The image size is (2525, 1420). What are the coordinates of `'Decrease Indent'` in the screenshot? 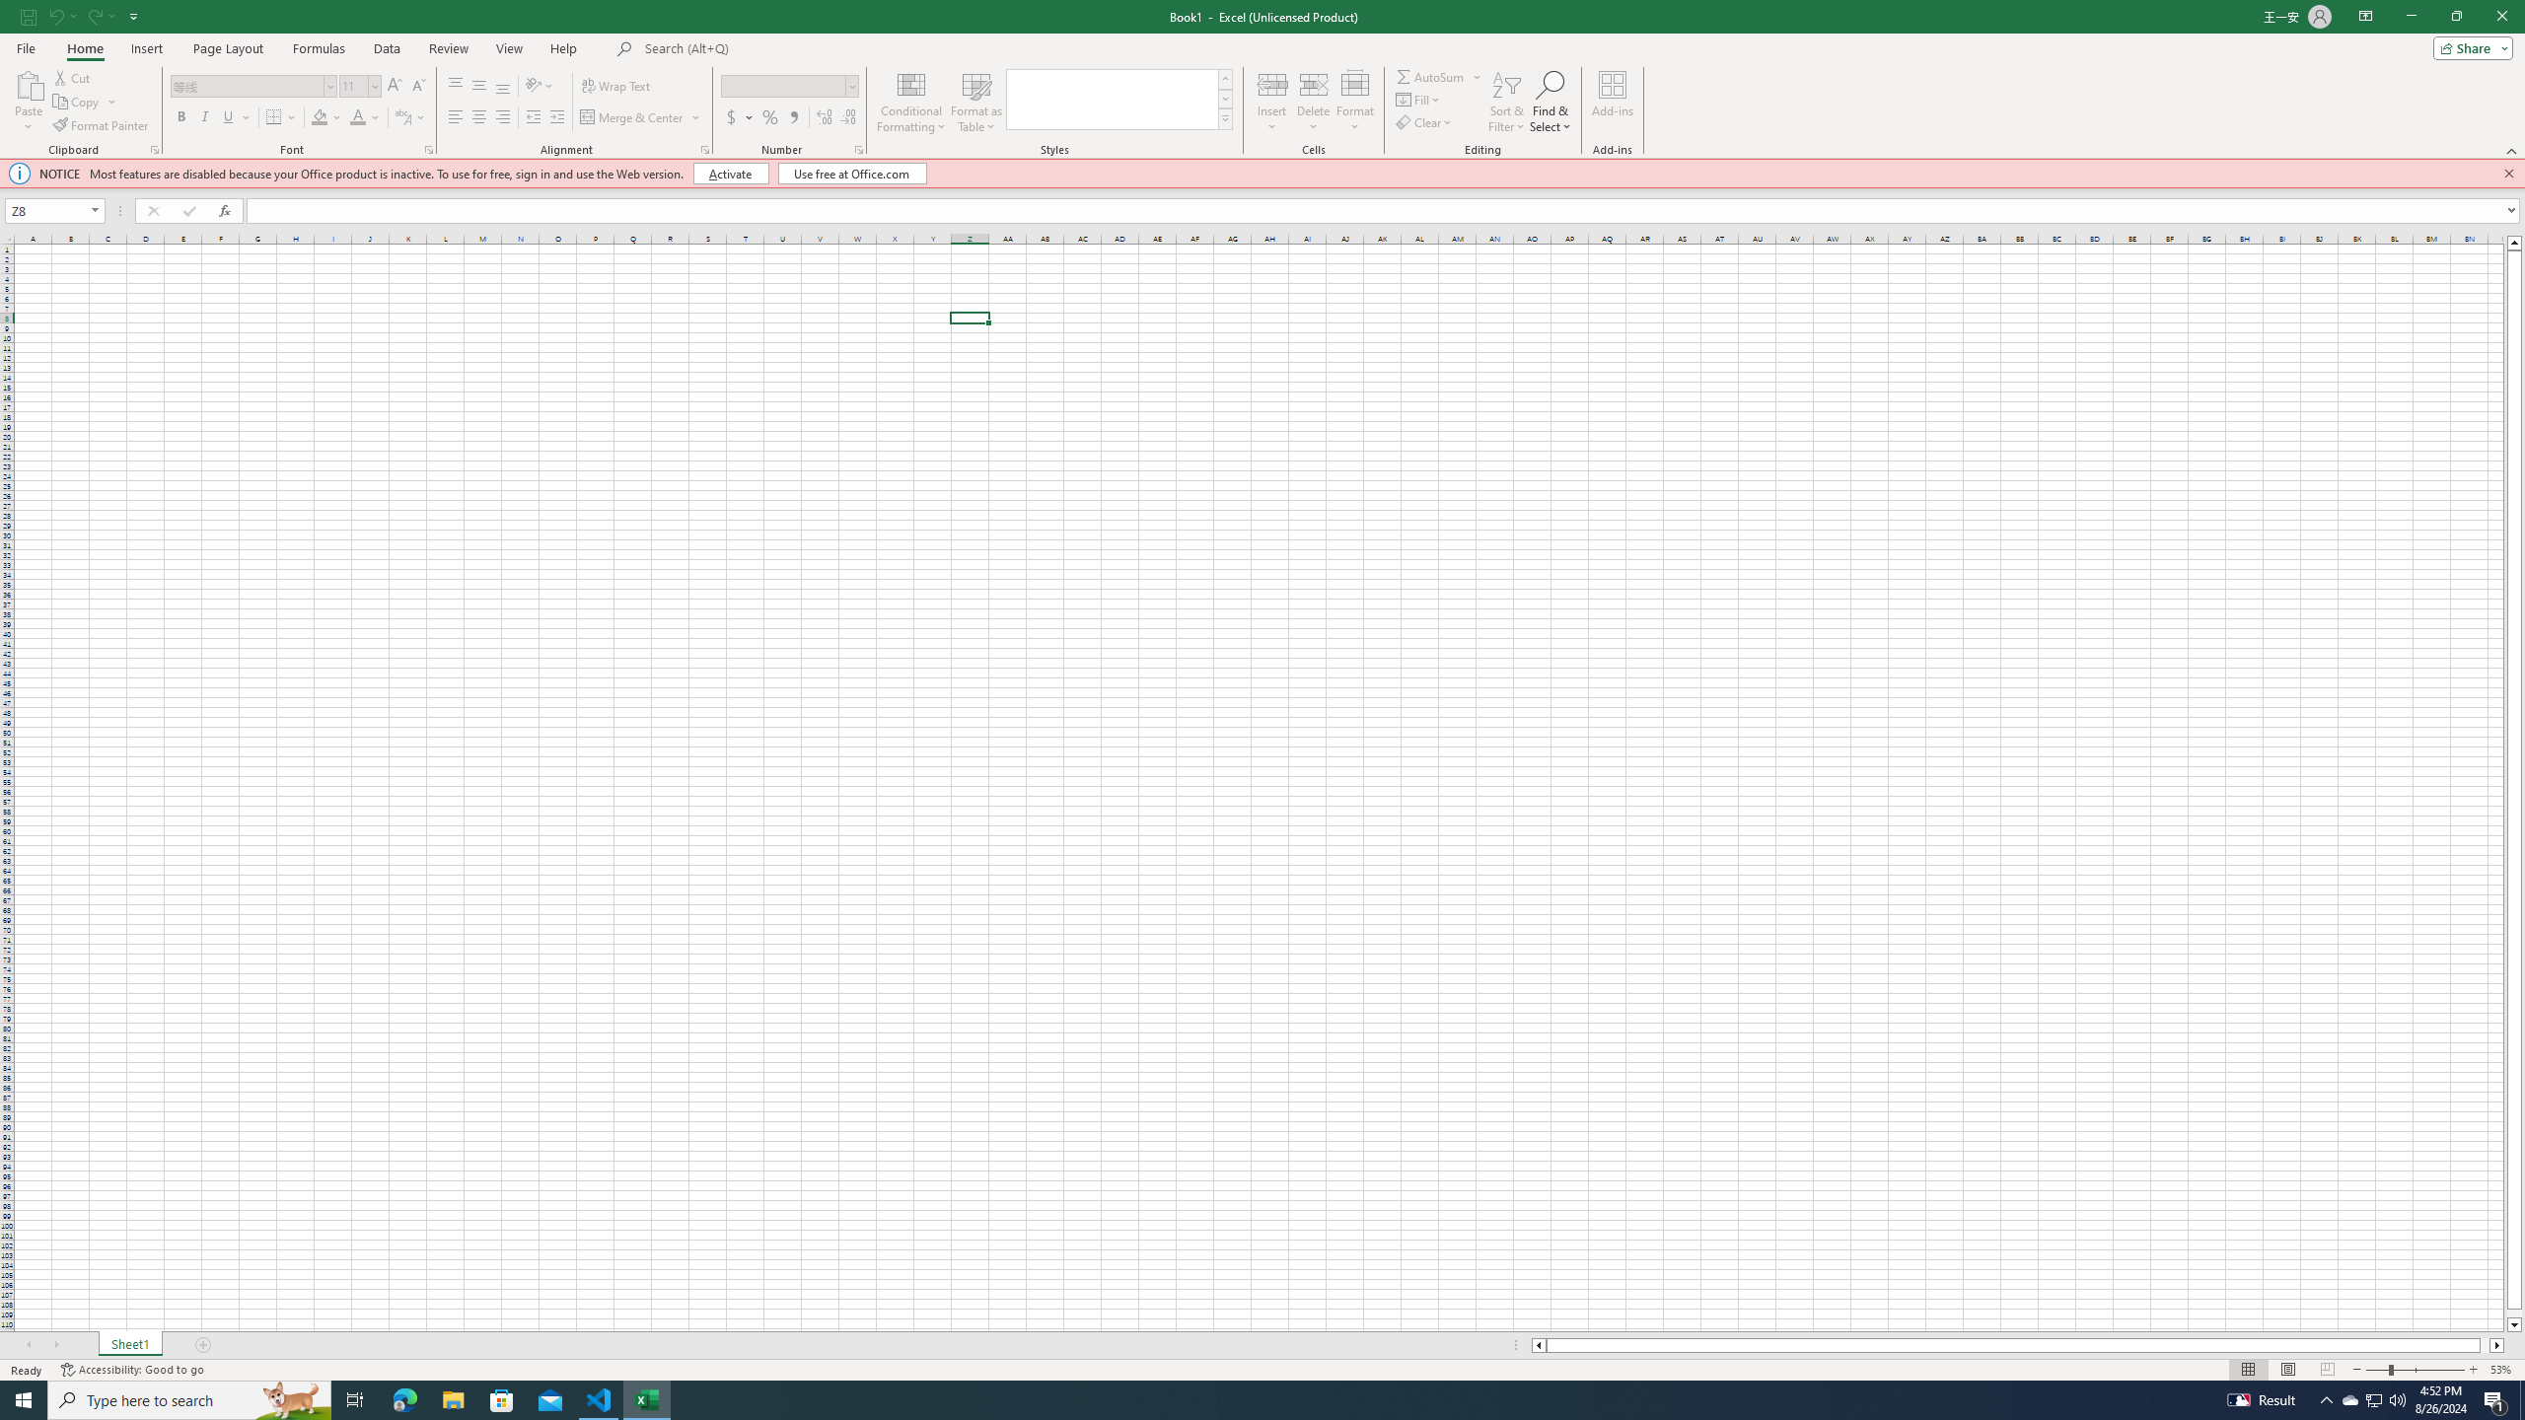 It's located at (534, 116).